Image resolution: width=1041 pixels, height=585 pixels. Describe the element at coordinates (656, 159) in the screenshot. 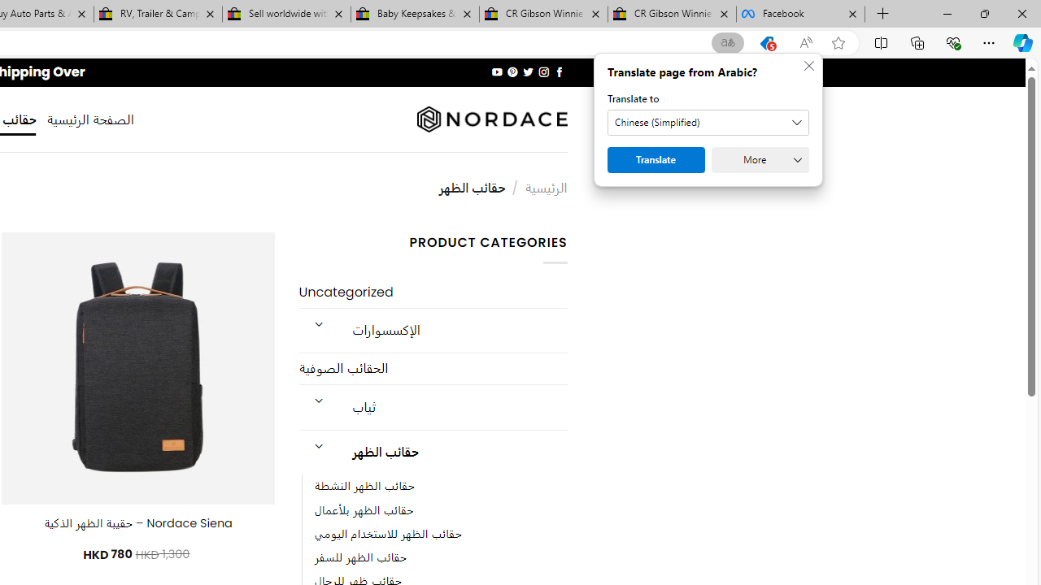

I see `'Translate'` at that location.